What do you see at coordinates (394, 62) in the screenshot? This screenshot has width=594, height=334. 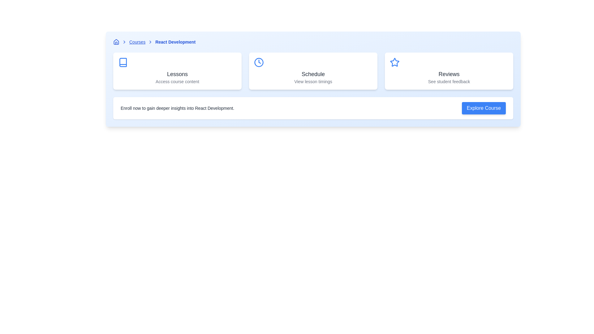 I see `the rating or review indicator icon located in the top-left section of the 'Reviews' card, positioned above the 'Reviews' text and next to the 'See student feedback' subtitle` at bounding box center [394, 62].